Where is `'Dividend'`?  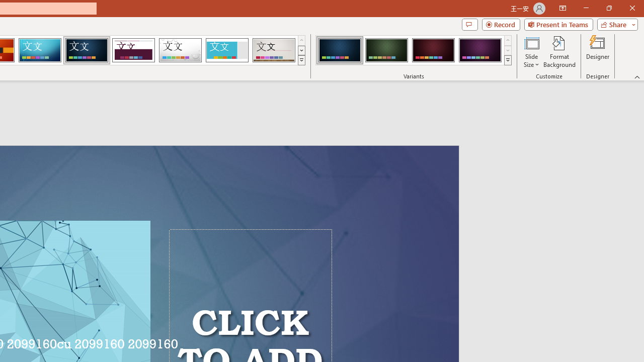 'Dividend' is located at coordinates (133, 50).